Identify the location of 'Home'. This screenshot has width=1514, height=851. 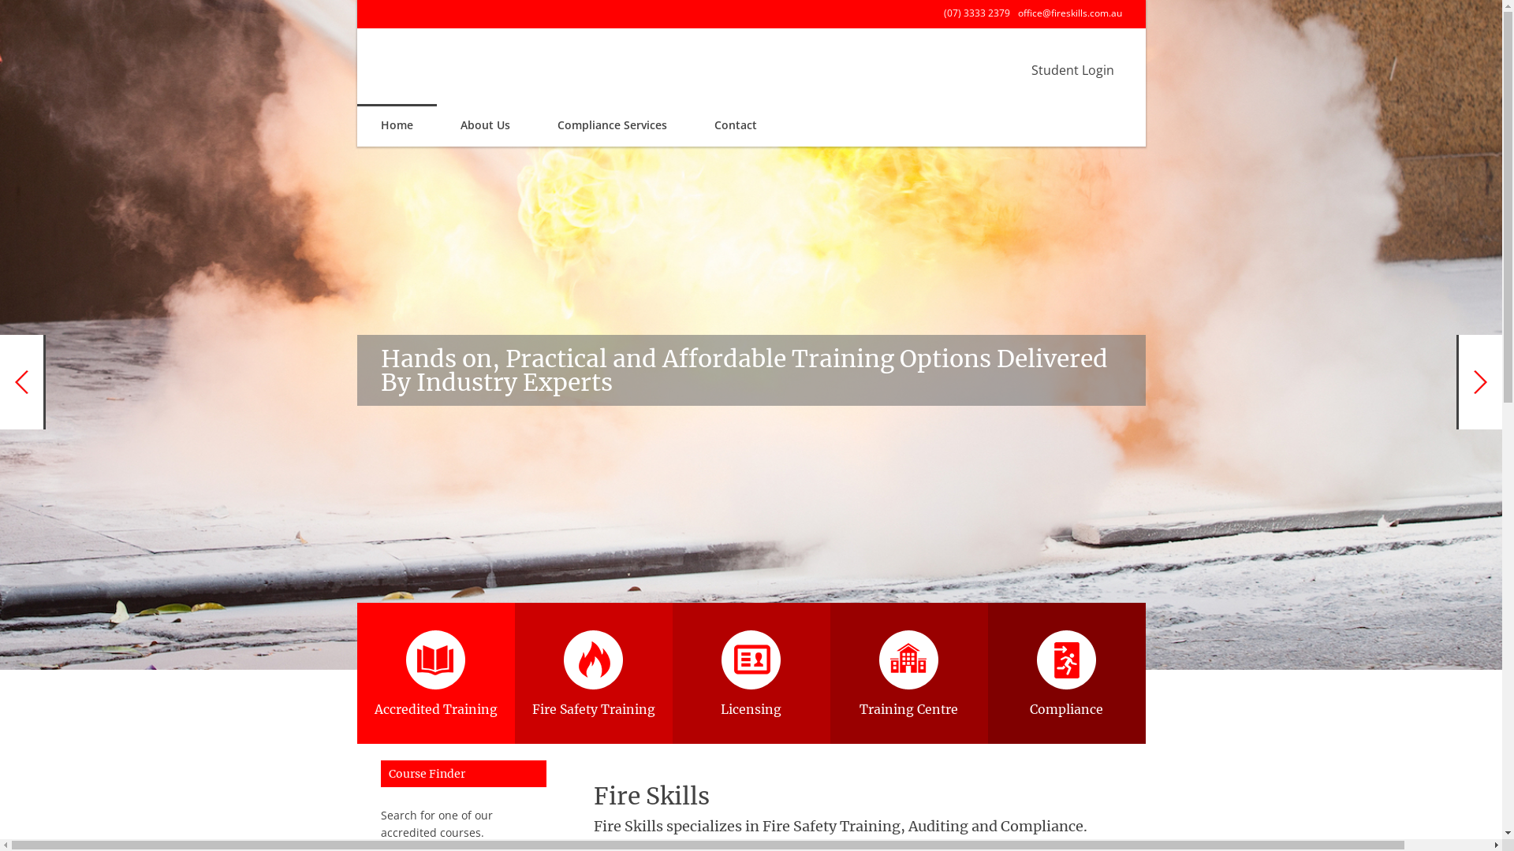
(396, 125).